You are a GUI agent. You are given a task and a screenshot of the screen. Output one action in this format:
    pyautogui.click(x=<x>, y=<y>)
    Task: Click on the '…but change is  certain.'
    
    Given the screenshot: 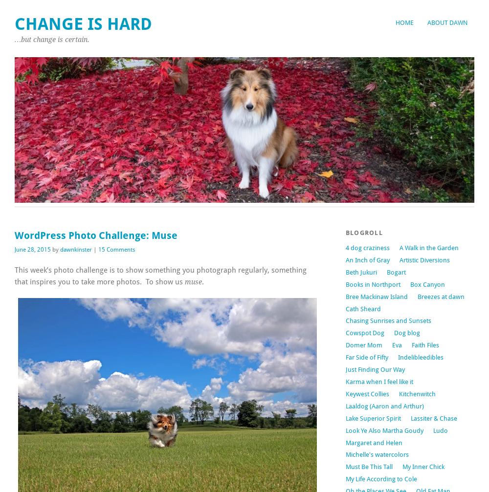 What is the action you would take?
    pyautogui.click(x=51, y=39)
    